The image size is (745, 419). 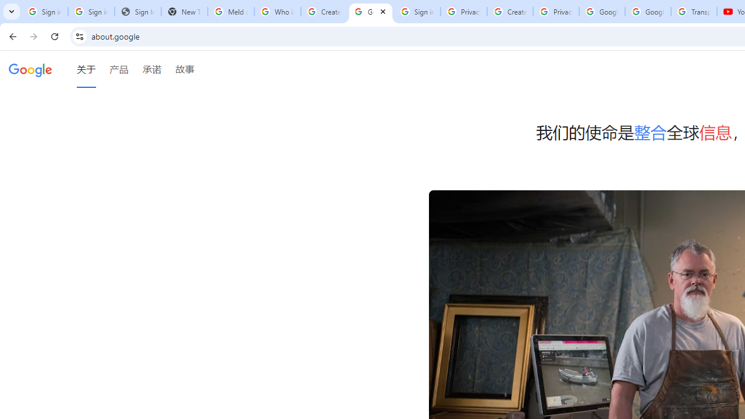 I want to click on 'New Tab', so click(x=183, y=12).